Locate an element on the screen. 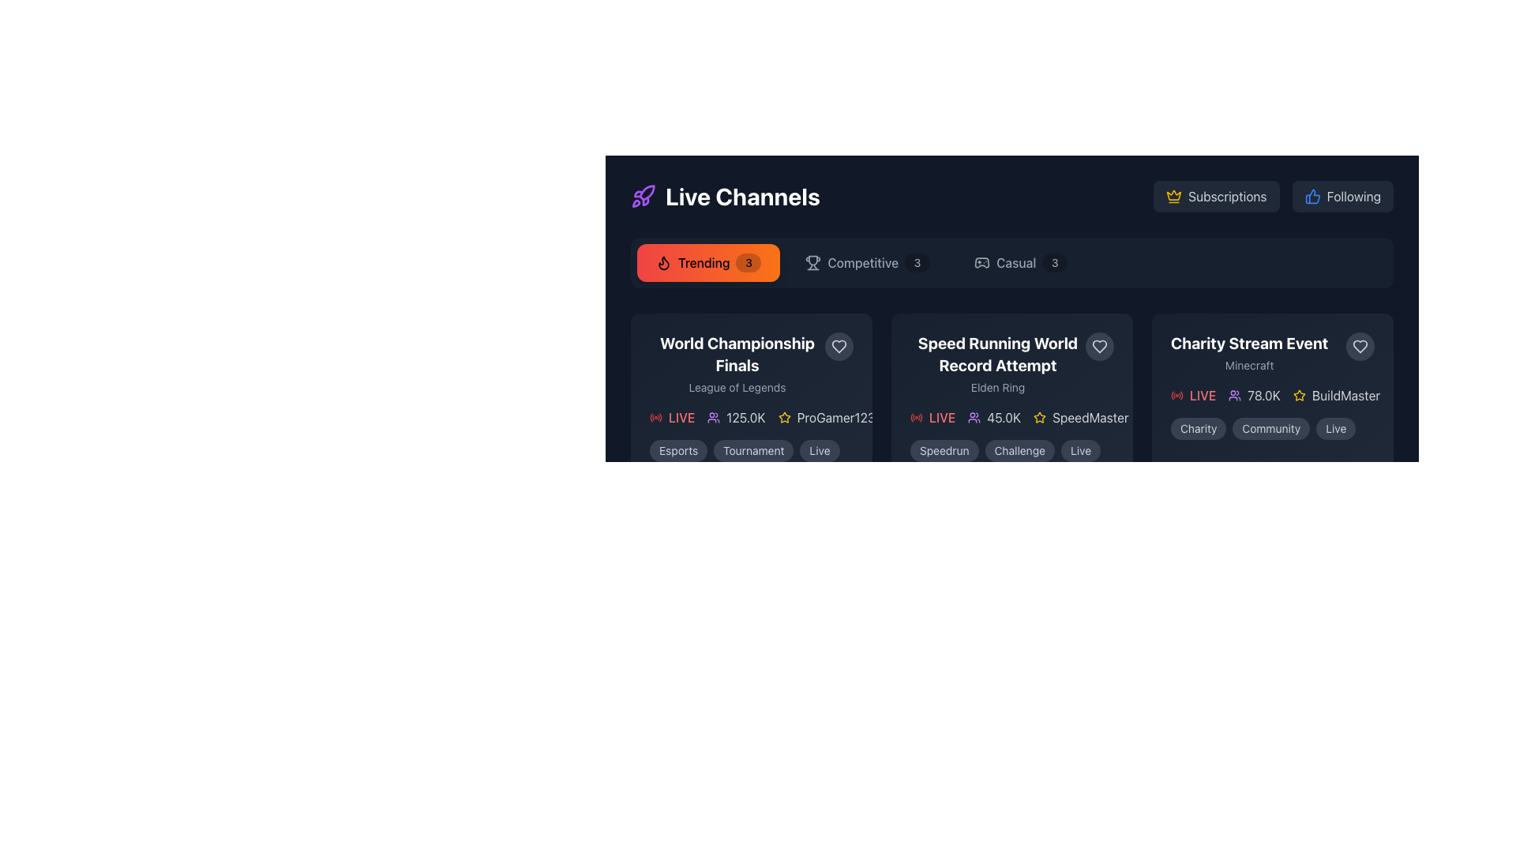 This screenshot has width=1516, height=853. the text block containing the title 'Speed Running World Record Attempt' and subtitle 'Elden Ring', located in the 'Live Channels' section, centered within its card area is located at coordinates (1011, 364).